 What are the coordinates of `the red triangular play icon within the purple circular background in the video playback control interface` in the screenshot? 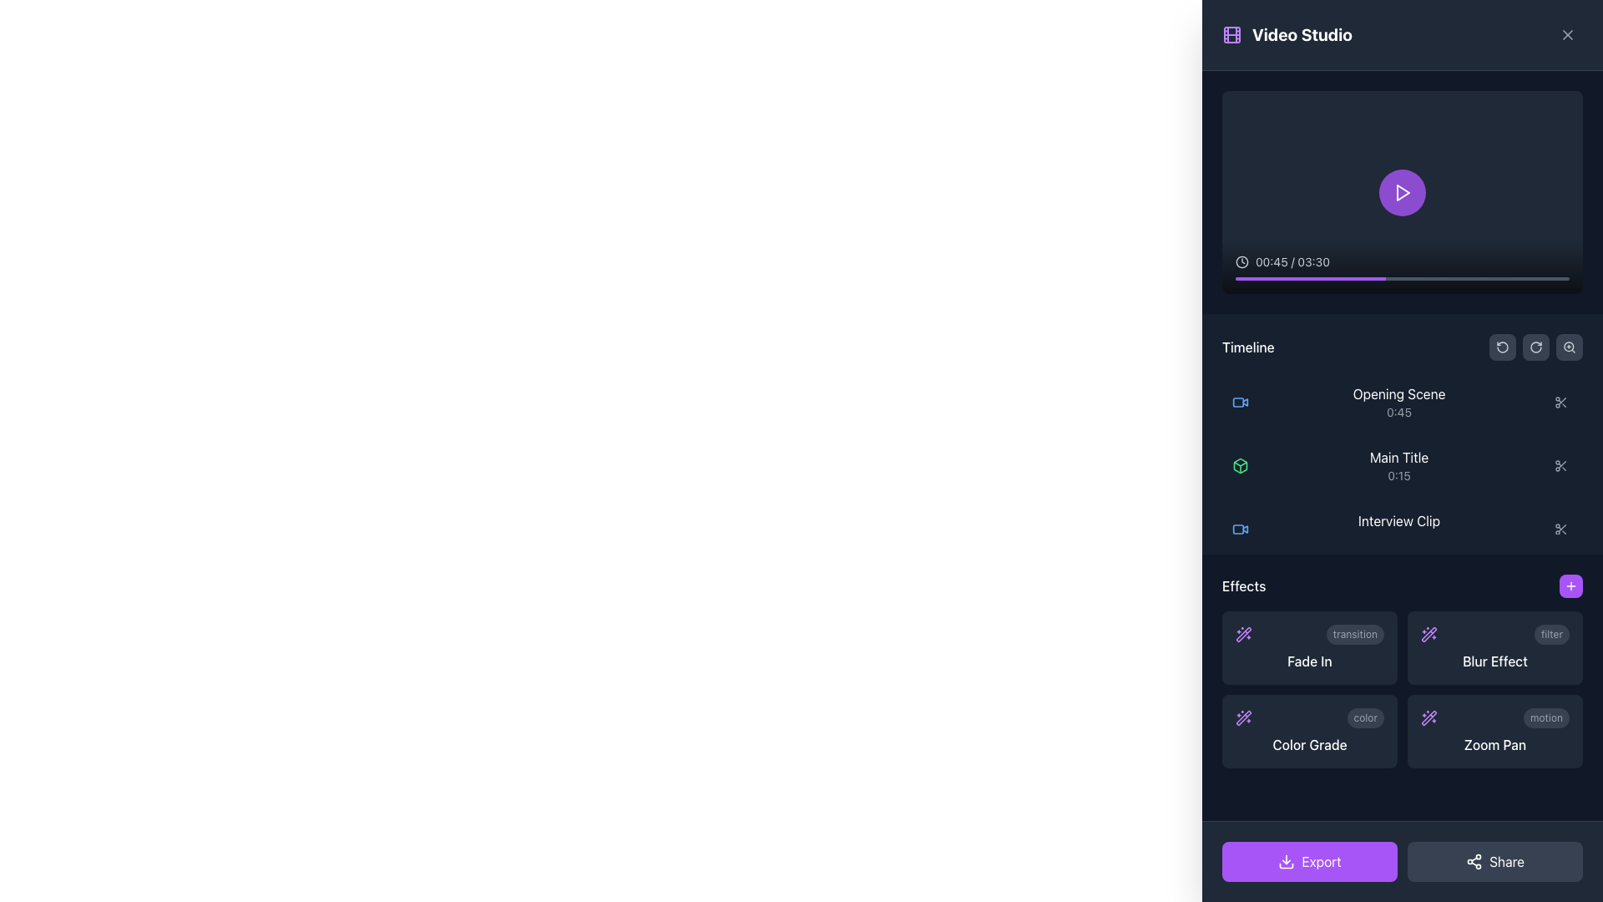 It's located at (1403, 191).